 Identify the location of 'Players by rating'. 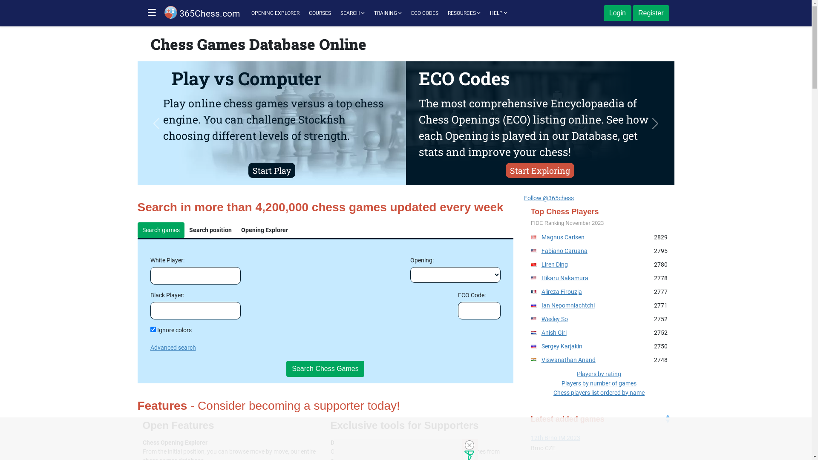
(599, 374).